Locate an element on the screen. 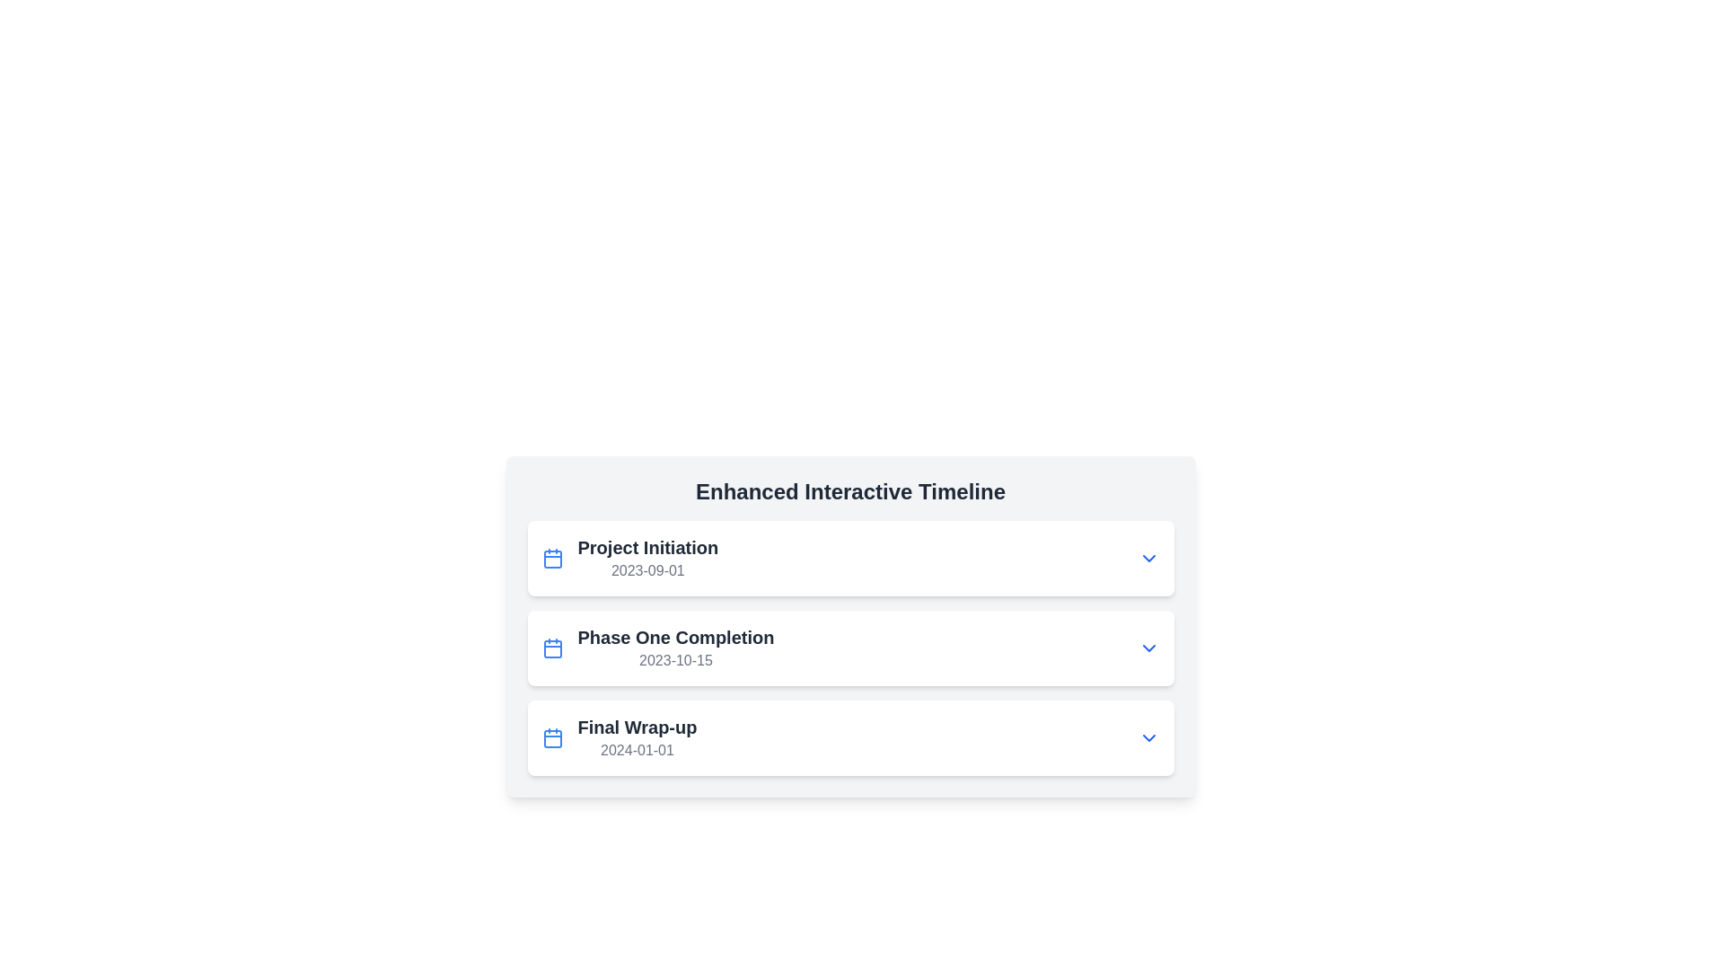  the calendar icon located in the first row of the interactive timeline, next to the text 'Project Initiation' and the date '2023-09-01' is located at coordinates (551, 557).